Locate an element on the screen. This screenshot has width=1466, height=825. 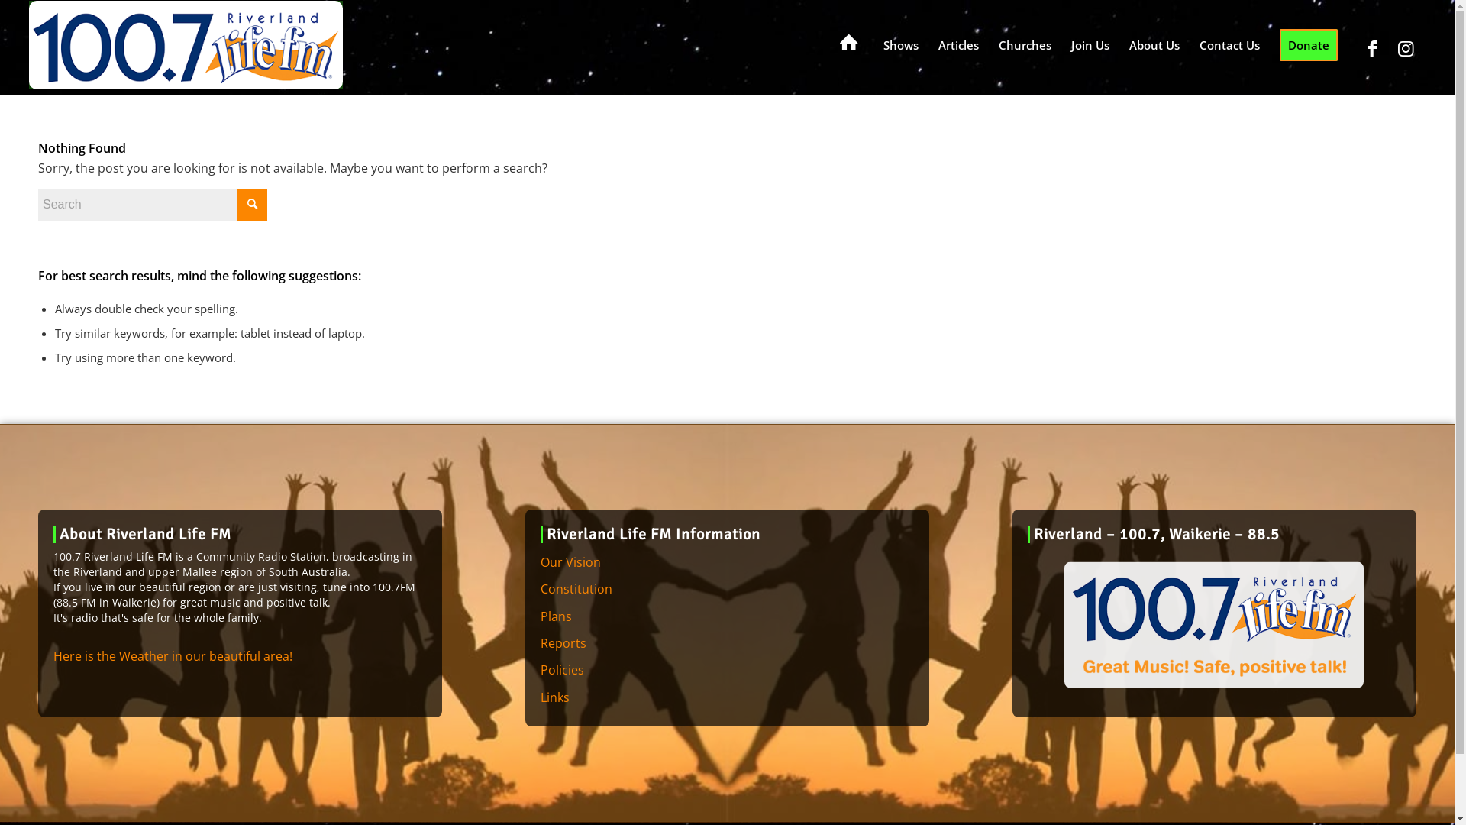
'Contact Us' is located at coordinates (1229, 44).